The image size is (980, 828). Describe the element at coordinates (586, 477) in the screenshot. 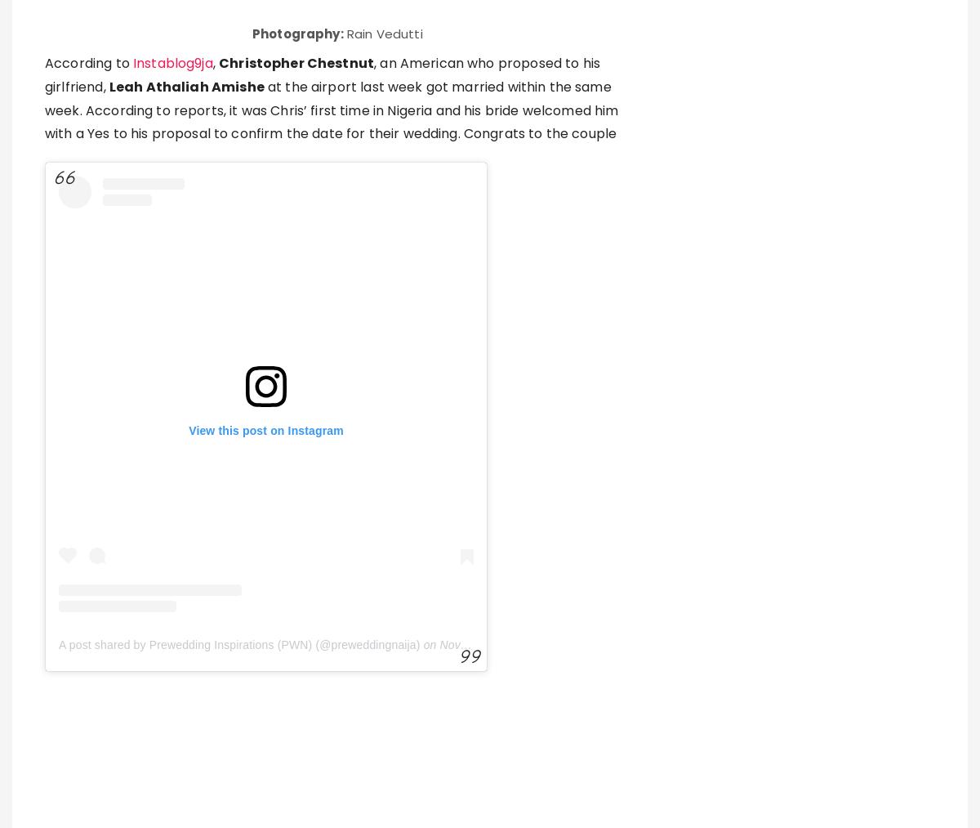

I see `'Daily Mail'` at that location.